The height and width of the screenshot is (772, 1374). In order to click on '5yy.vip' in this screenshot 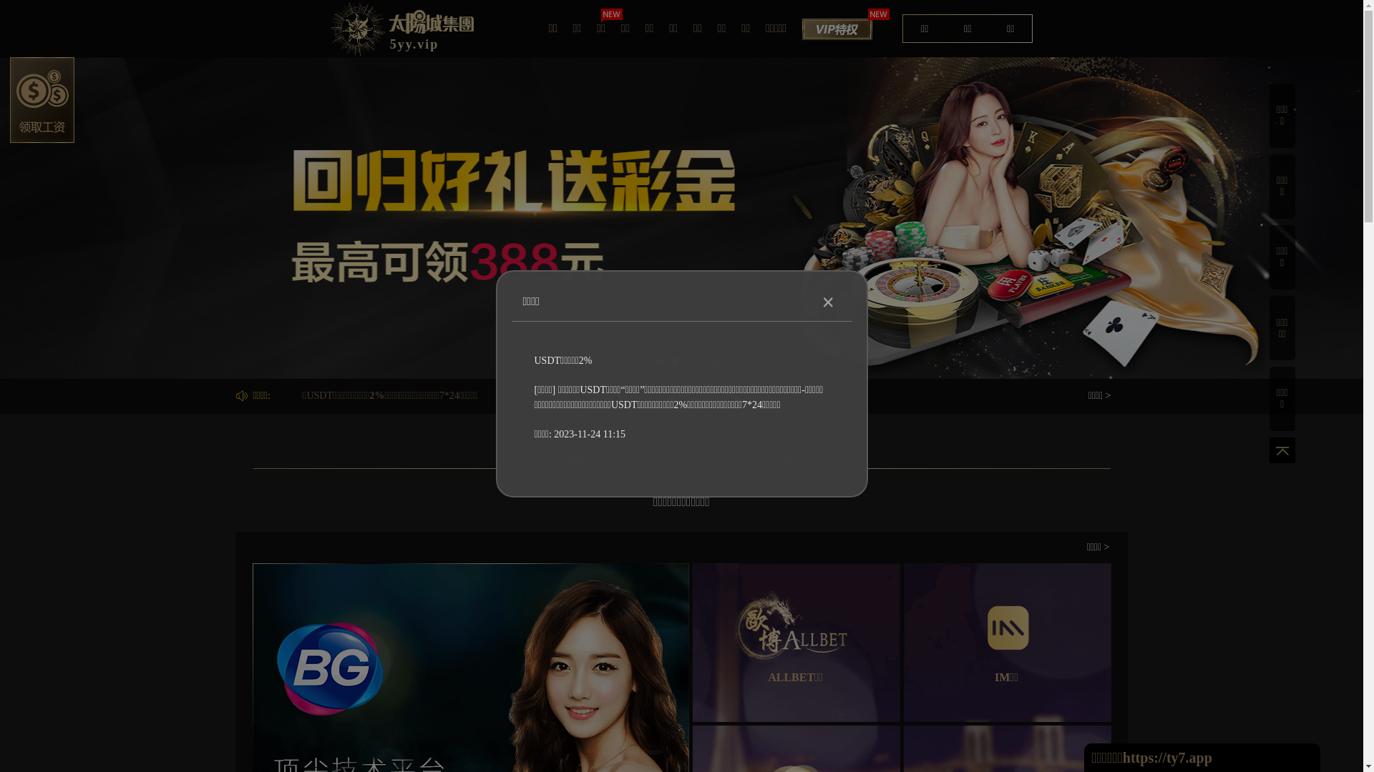, I will do `click(401, 28)`.